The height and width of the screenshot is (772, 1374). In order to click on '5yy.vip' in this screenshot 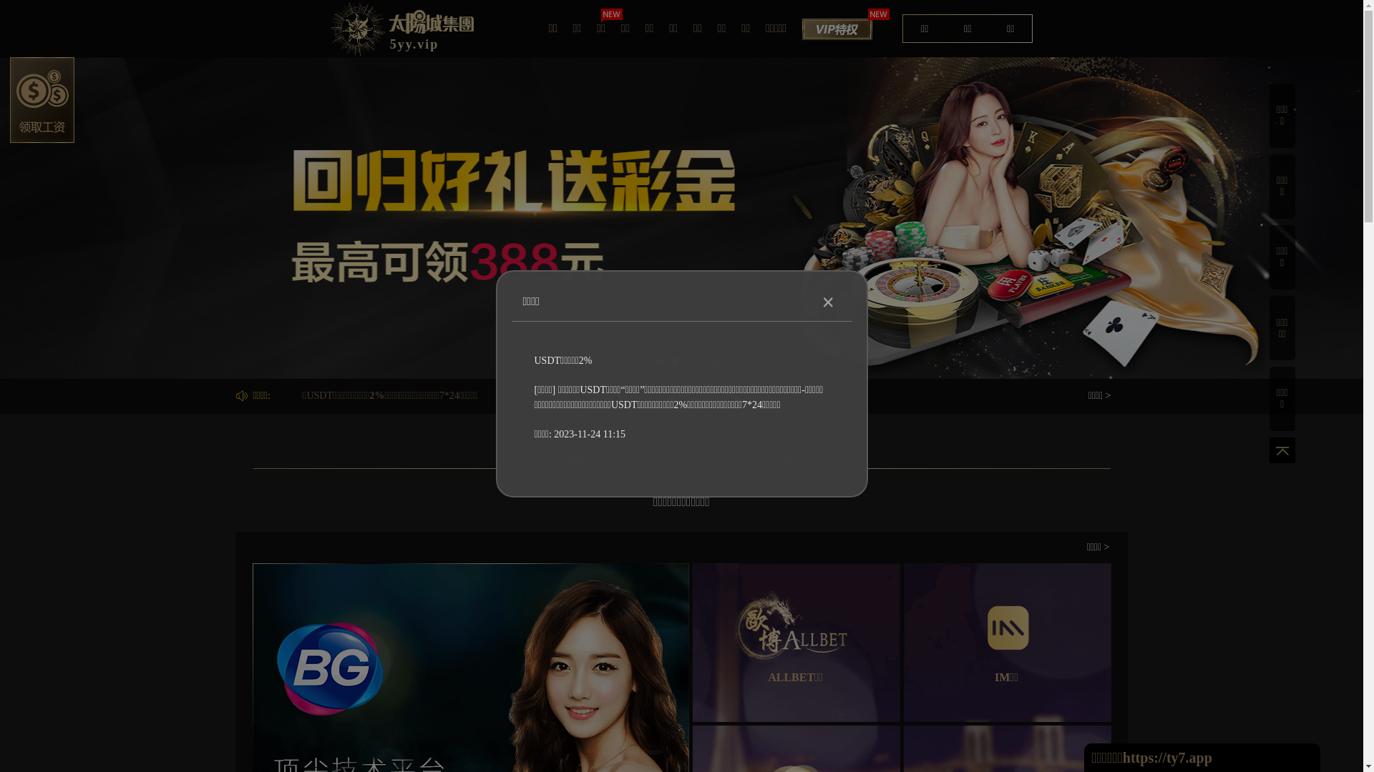, I will do `click(401, 28)`.